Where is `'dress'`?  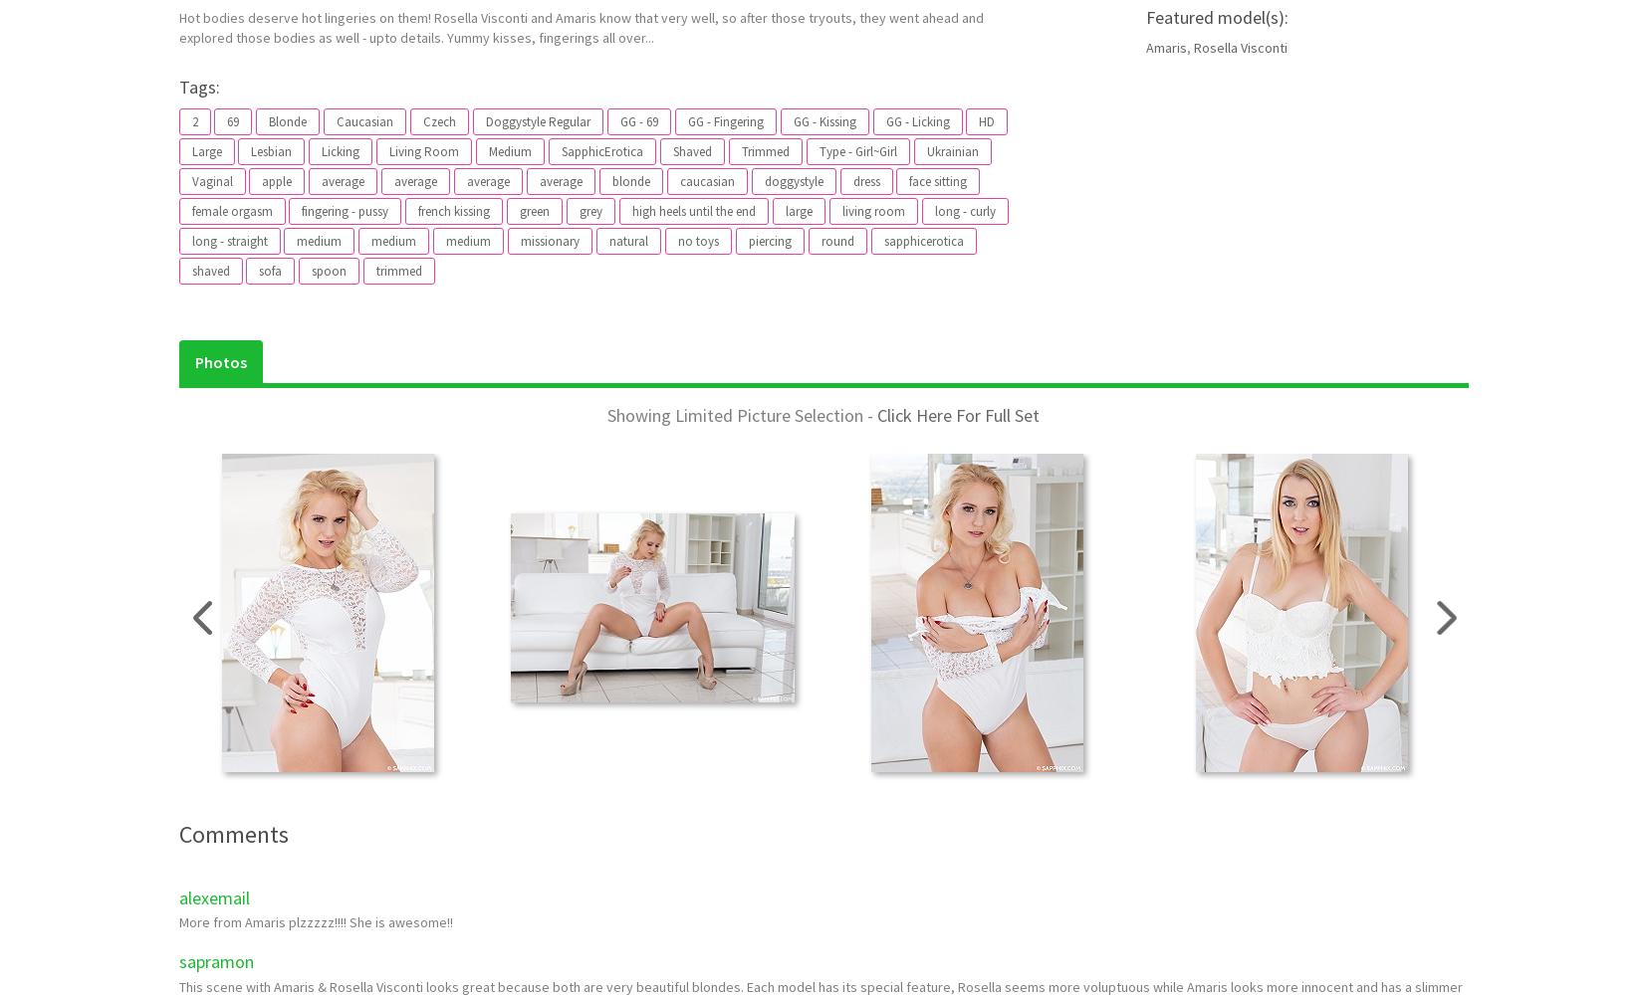
'dress' is located at coordinates (864, 181).